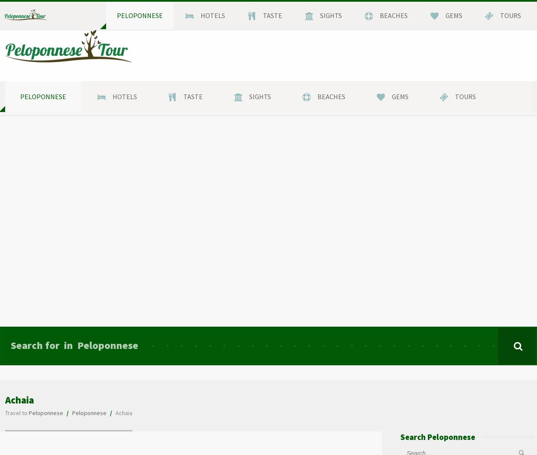 The width and height of the screenshot is (537, 455). Describe the element at coordinates (465, 96) in the screenshot. I see `'Tours'` at that location.